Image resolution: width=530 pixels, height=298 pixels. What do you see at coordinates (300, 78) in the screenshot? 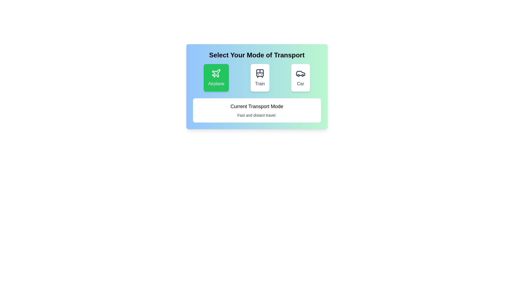
I see `the transportation mode by clicking on the corresponding button for Car` at bounding box center [300, 78].